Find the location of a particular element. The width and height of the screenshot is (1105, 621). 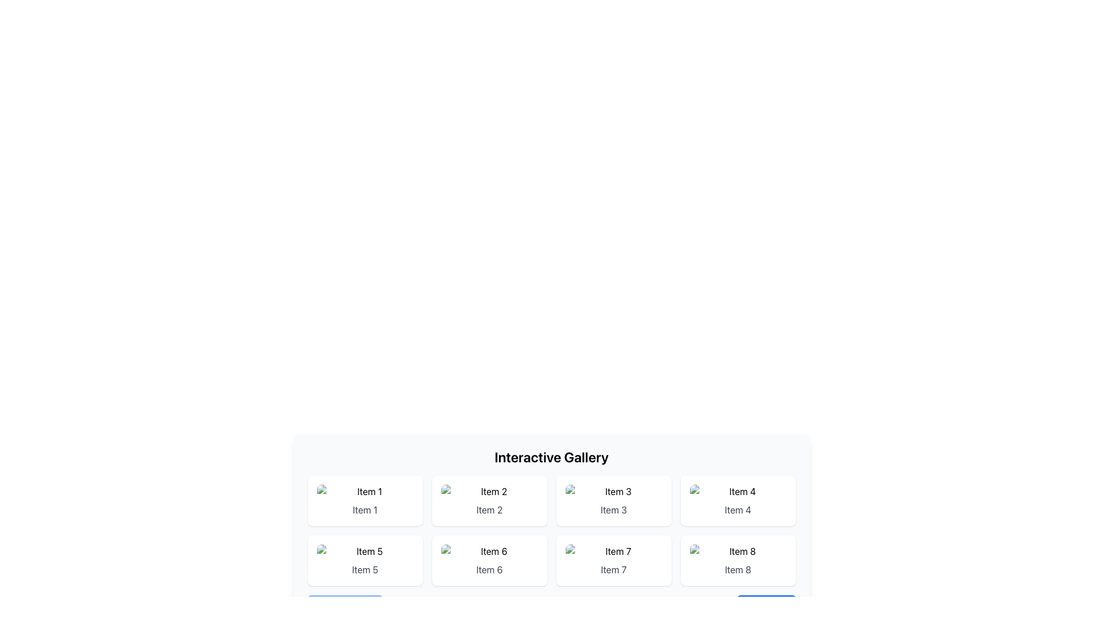

the descriptive text label for 'Item 2' located in the second cell of the top row in the gallery interface is located at coordinates (489, 509).